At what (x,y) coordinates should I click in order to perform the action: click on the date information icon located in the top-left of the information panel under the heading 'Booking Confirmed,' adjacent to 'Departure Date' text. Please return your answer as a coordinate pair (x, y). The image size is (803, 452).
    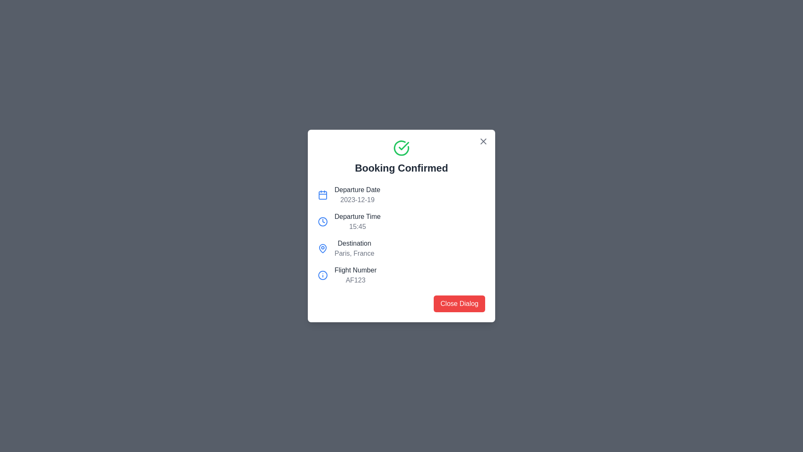
    Looking at the image, I should click on (322, 195).